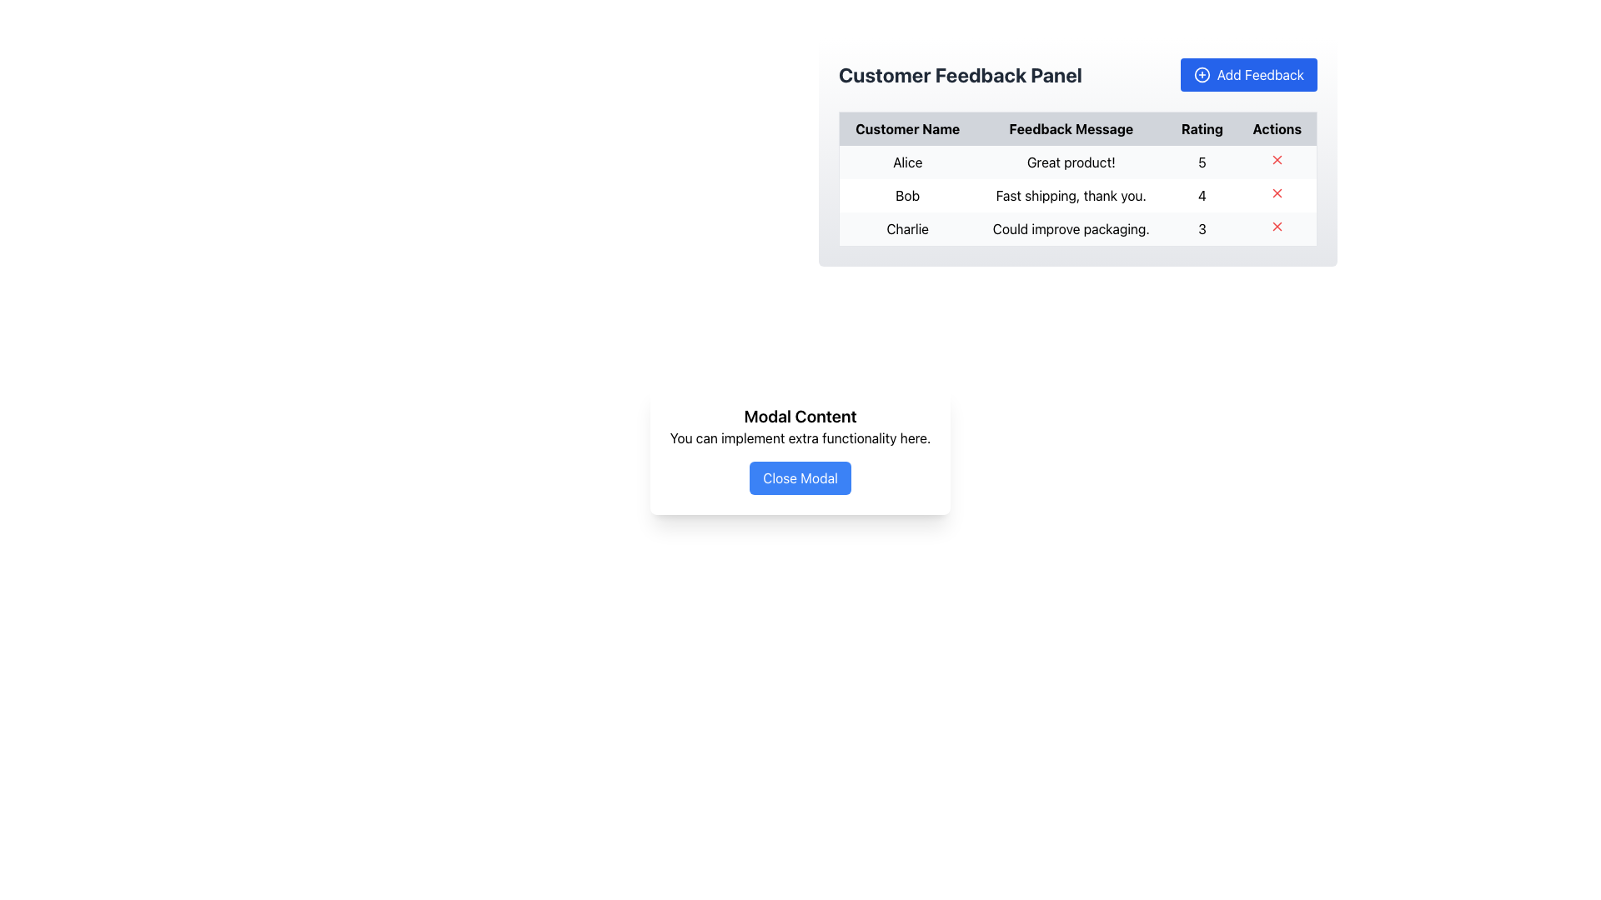  What do you see at coordinates (799, 478) in the screenshot?
I see `the 'Close Modal' button, which has a blue background and white text` at bounding box center [799, 478].